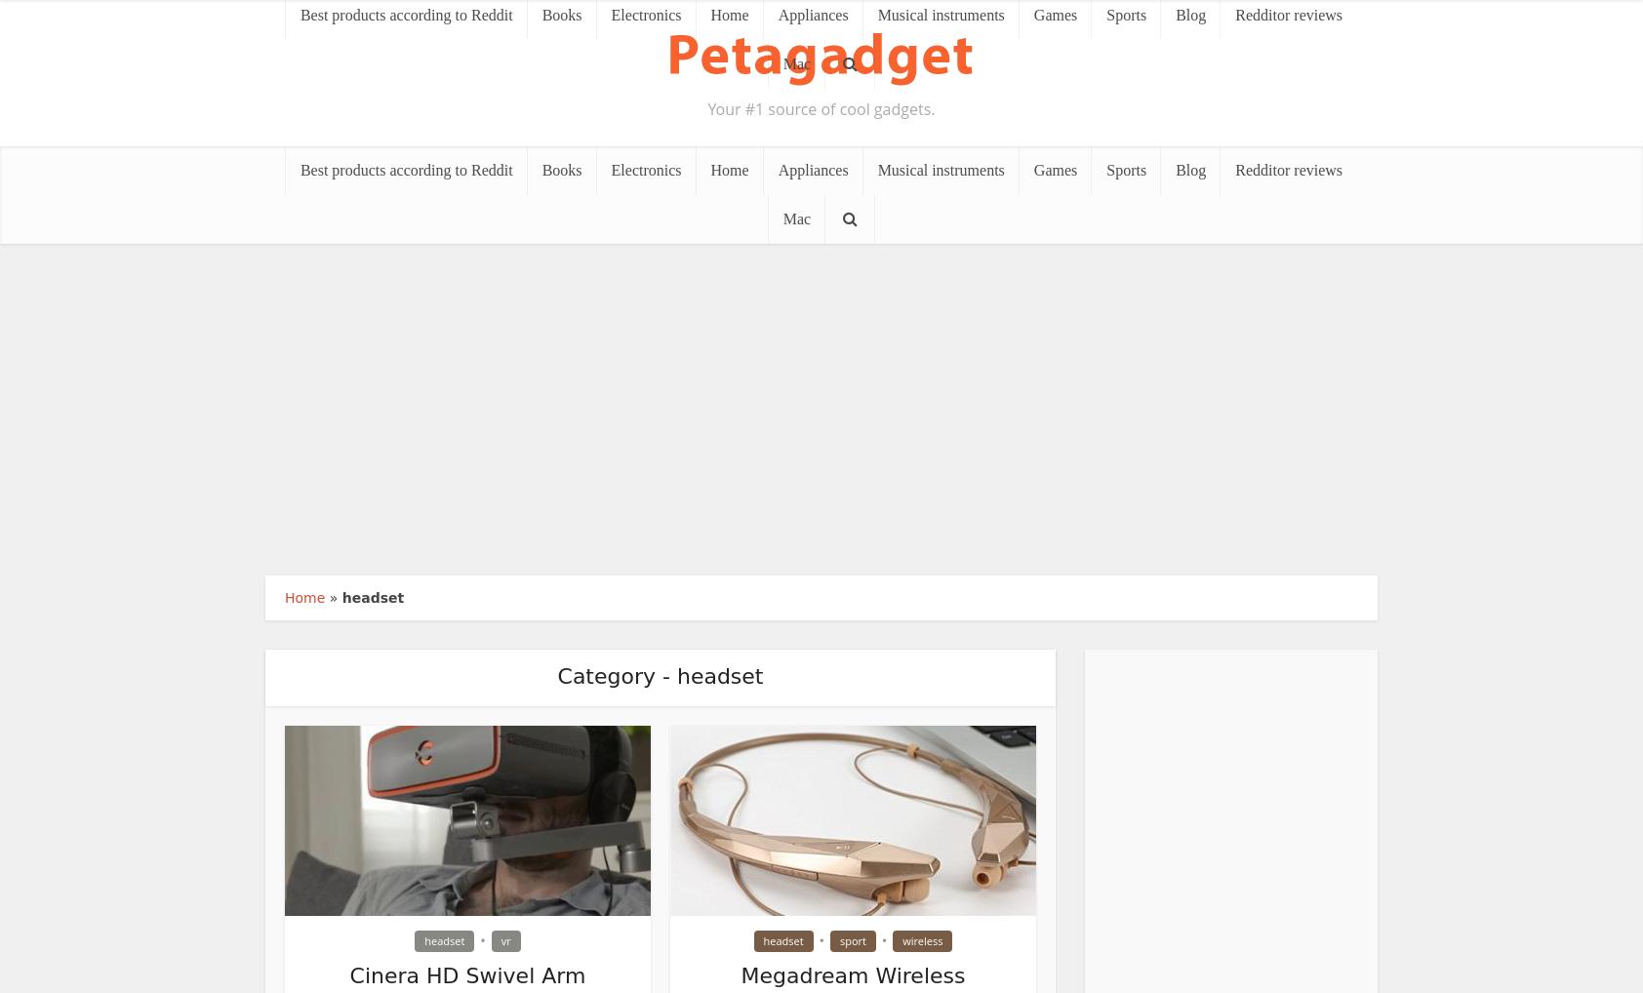  Describe the element at coordinates (1176, 170) in the screenshot. I see `'Blog'` at that location.